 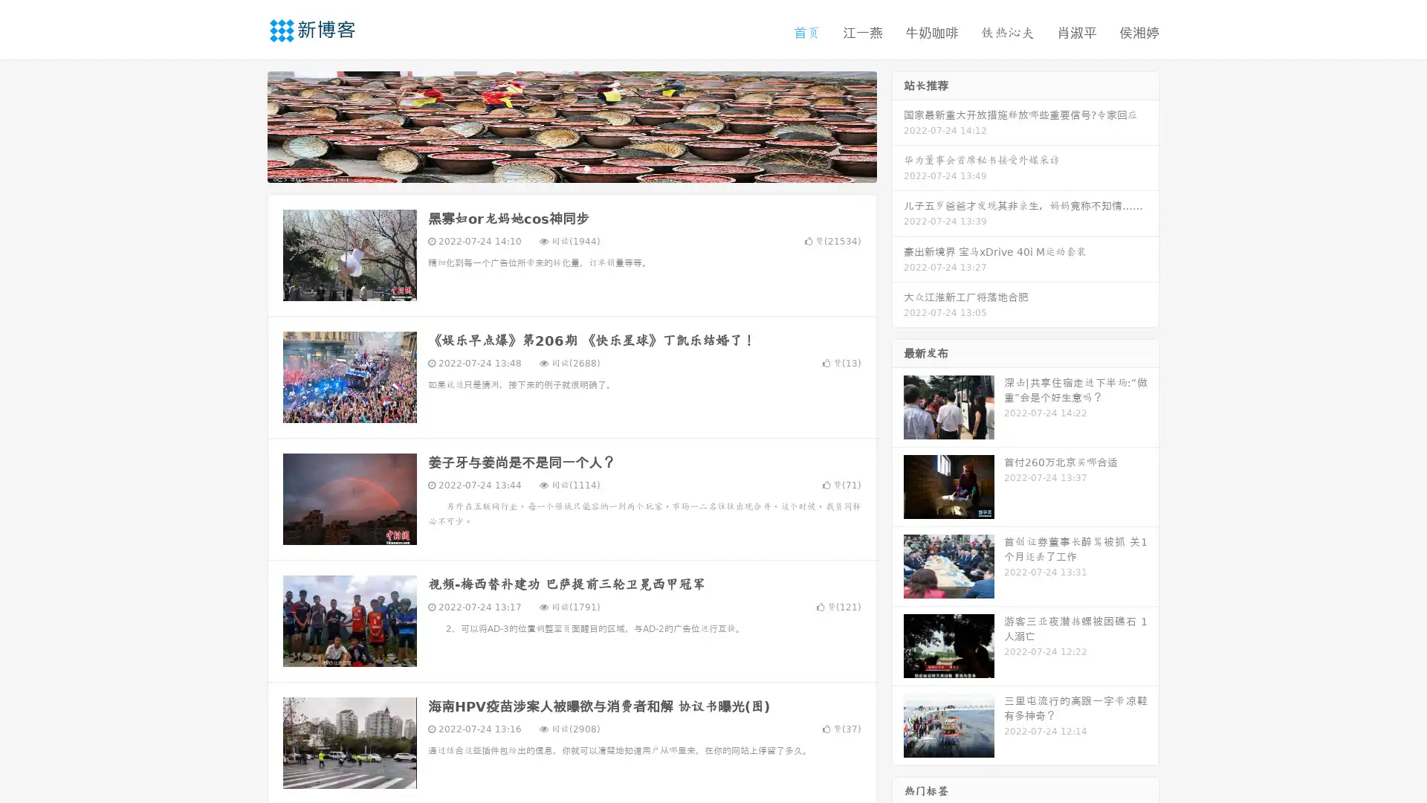 I want to click on Go to slide 2, so click(x=571, y=167).